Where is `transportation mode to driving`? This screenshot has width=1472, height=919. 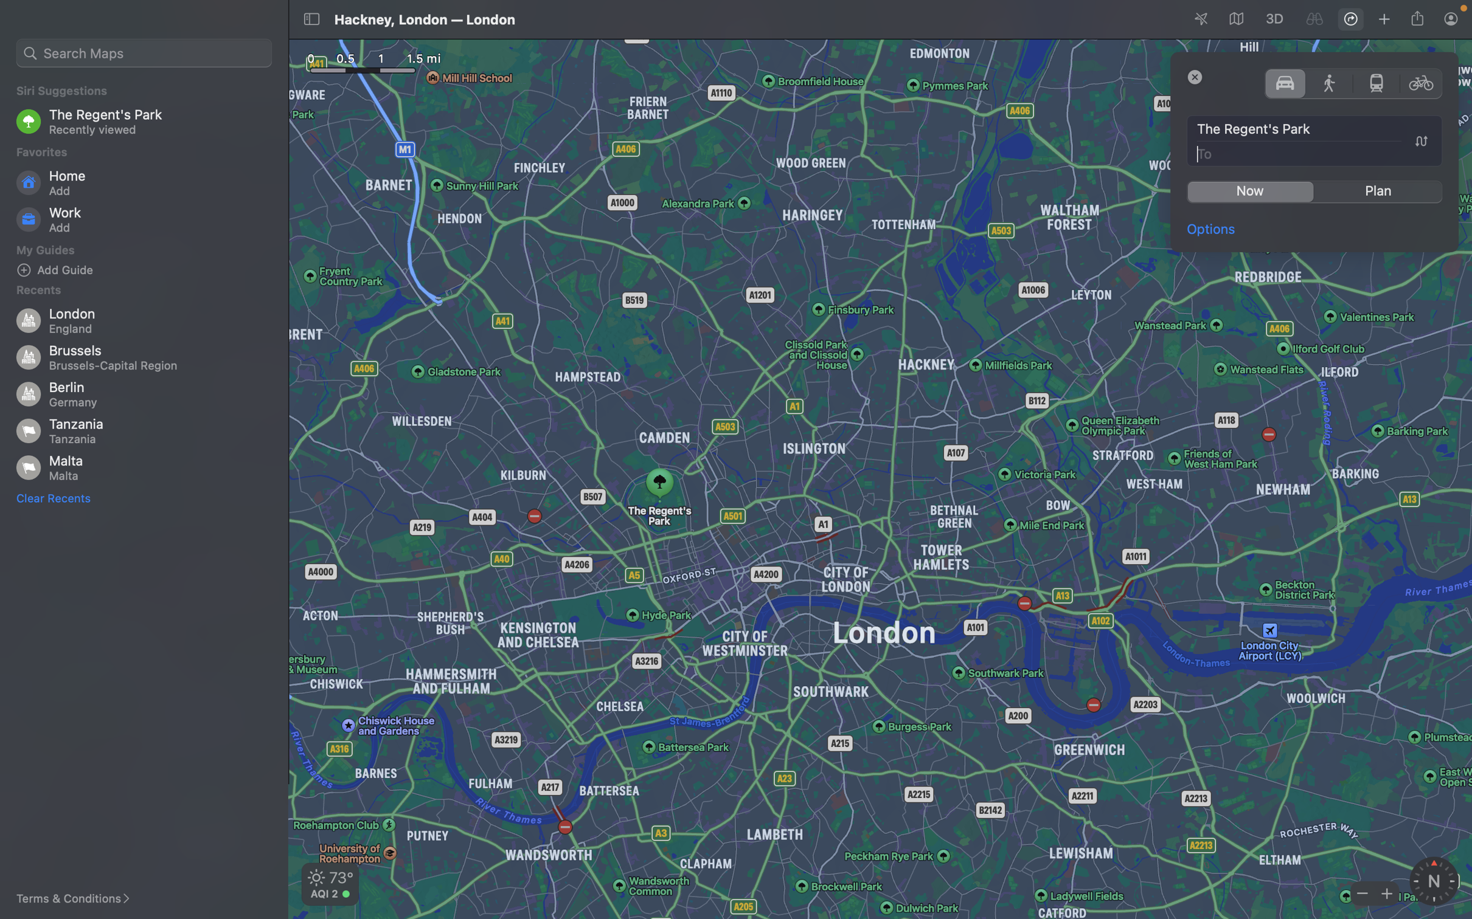 transportation mode to driving is located at coordinates (1285, 82).